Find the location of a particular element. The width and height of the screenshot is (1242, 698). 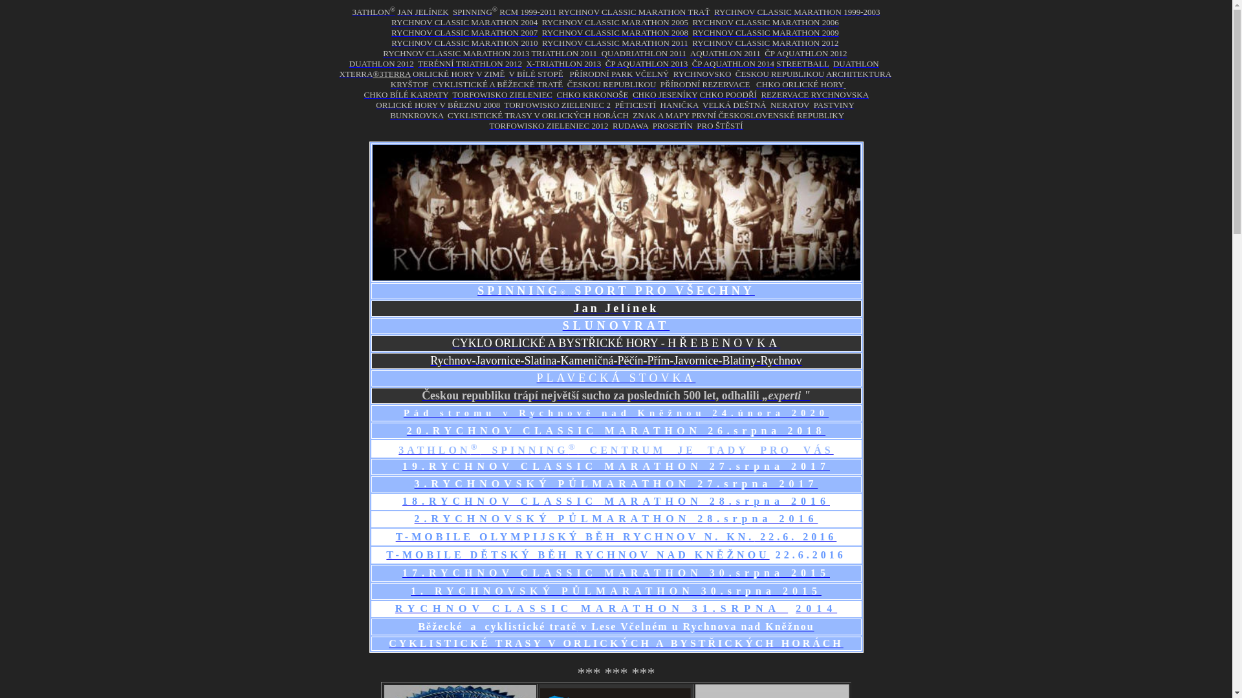

'RYCHNOV CLASSIC MARATHON 1999-2003' is located at coordinates (796, 12).